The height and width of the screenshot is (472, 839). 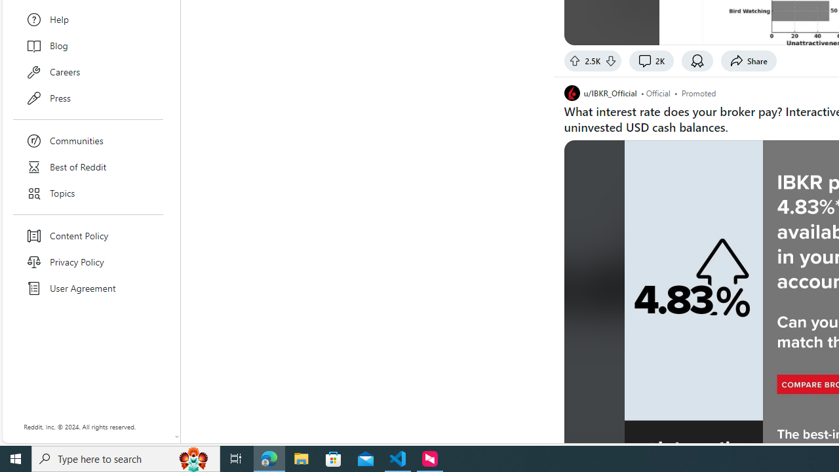 What do you see at coordinates (574, 60) in the screenshot?
I see `'Upvote'` at bounding box center [574, 60].